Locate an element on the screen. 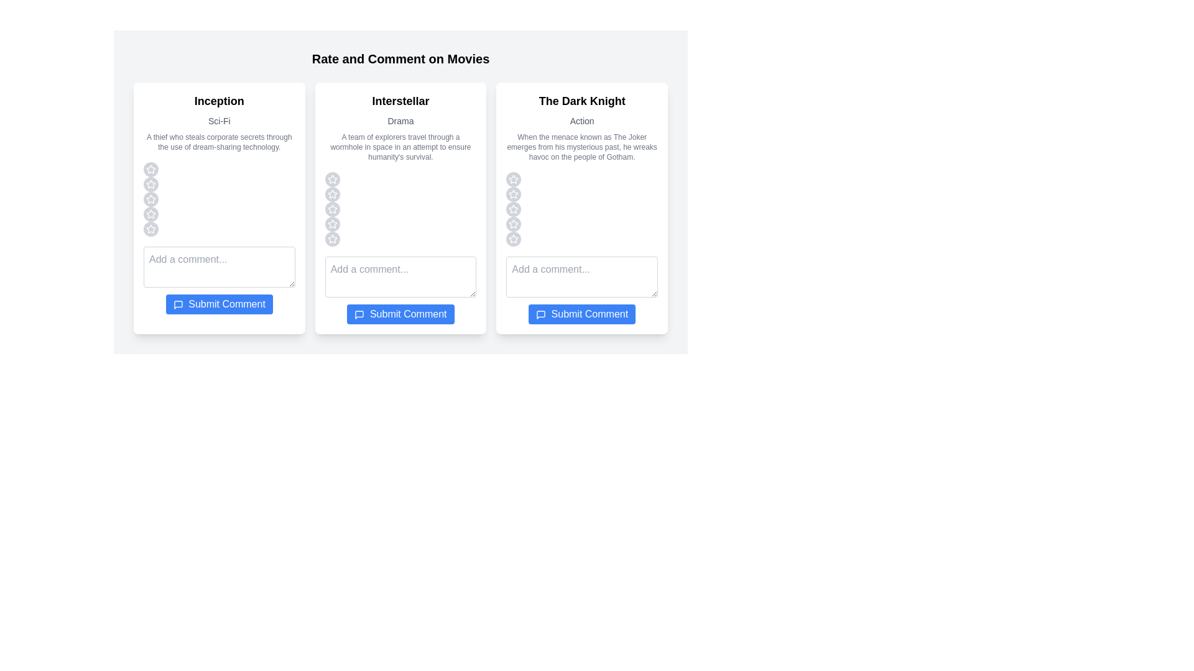 The height and width of the screenshot is (671, 1194). the star corresponding to the rating 5 for the movie Inception is located at coordinates (150, 229).